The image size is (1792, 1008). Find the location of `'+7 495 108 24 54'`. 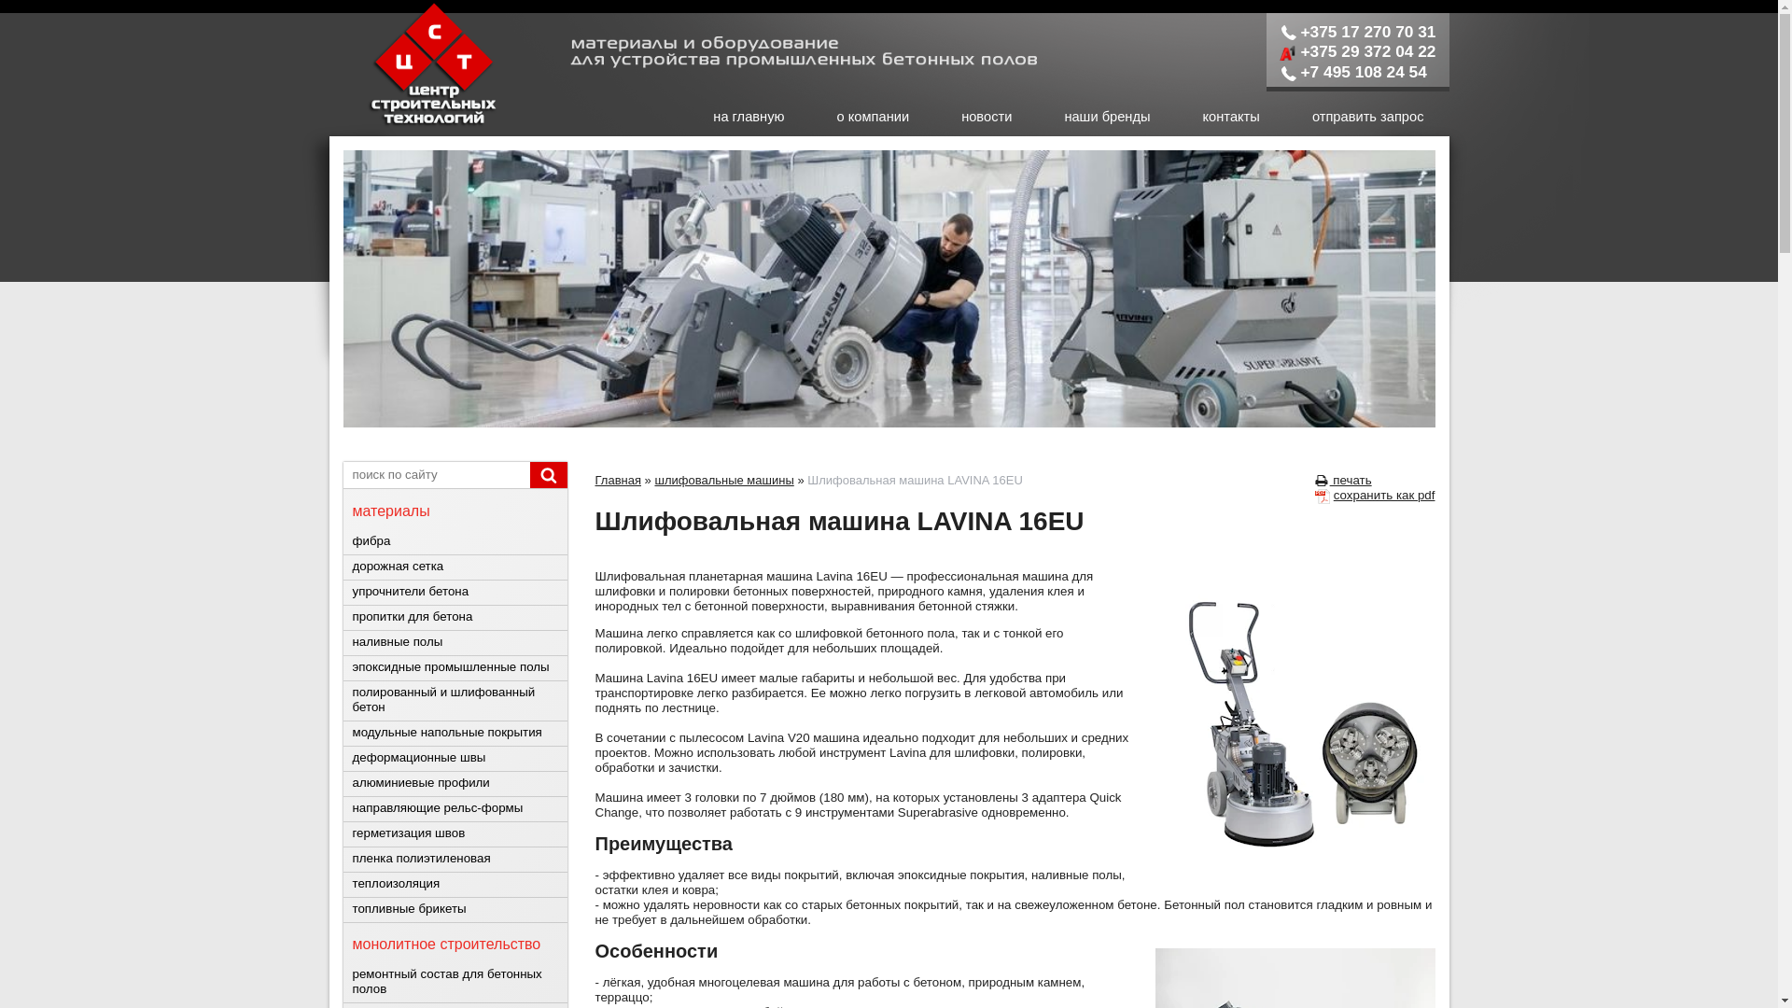

'+7 495 108 24 54' is located at coordinates (1352, 71).